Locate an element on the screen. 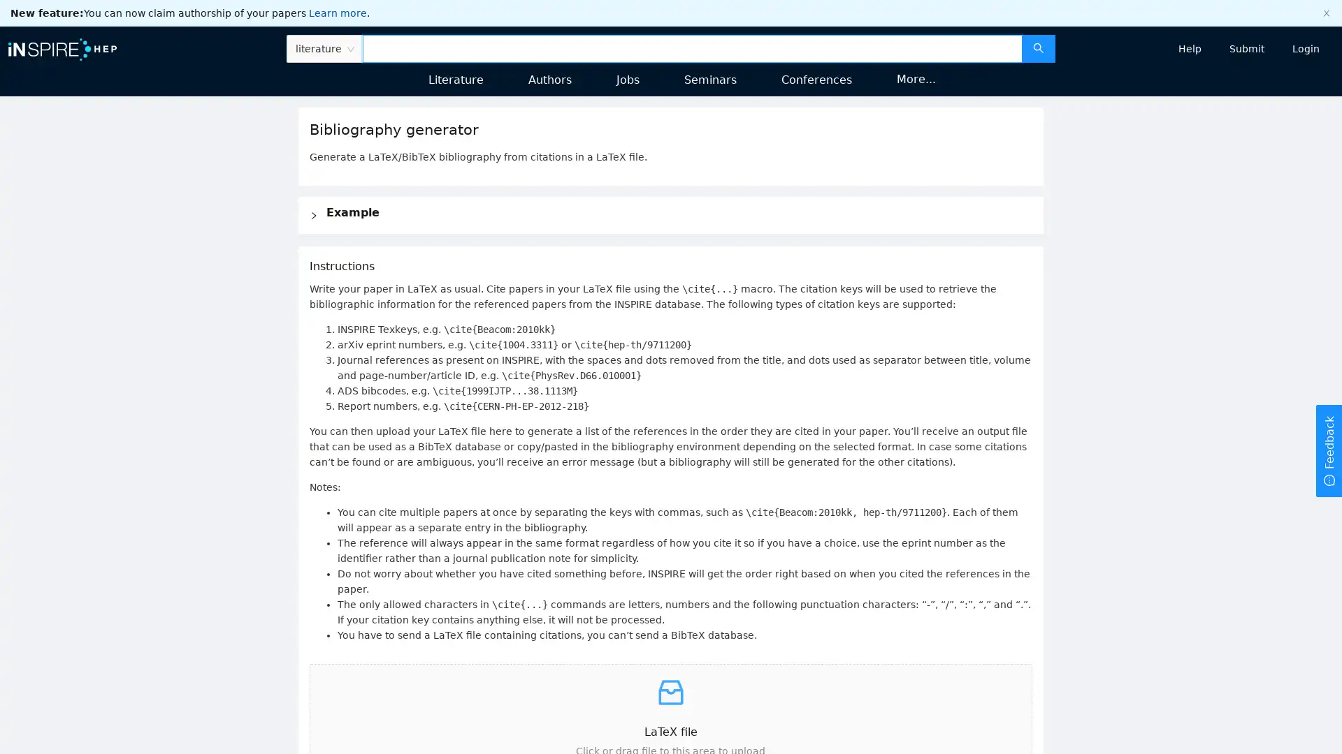  search is located at coordinates (1037, 47).